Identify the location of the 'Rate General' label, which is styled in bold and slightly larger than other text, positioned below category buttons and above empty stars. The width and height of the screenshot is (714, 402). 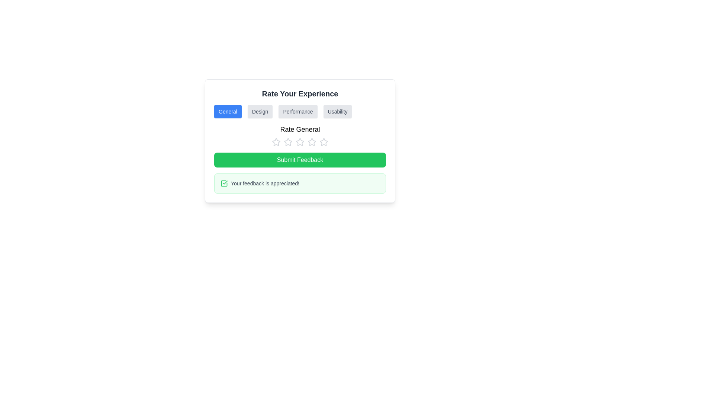
(300, 129).